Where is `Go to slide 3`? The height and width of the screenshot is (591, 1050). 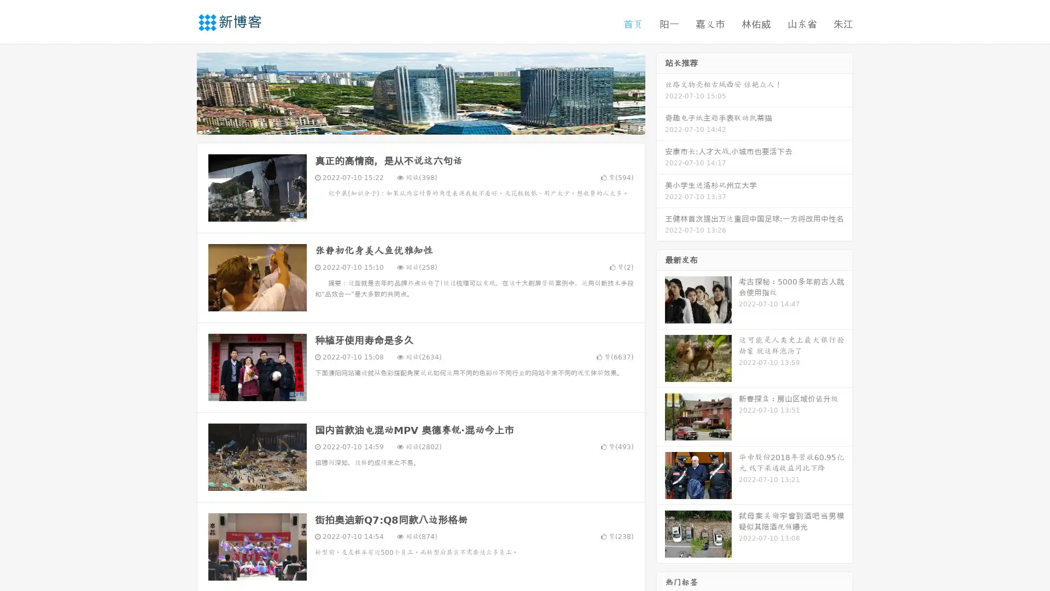
Go to slide 3 is located at coordinates (431, 123).